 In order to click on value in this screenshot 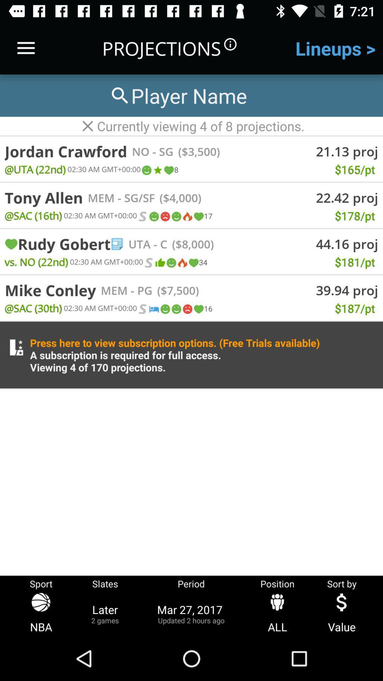, I will do `click(342, 613)`.